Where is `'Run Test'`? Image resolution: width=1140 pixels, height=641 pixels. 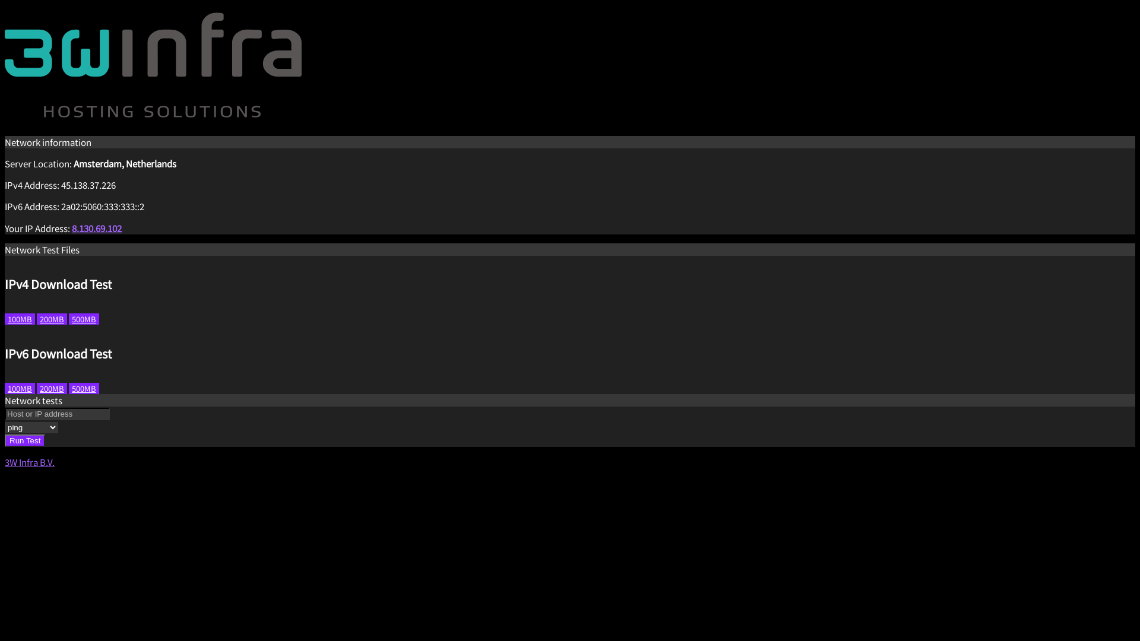 'Run Test' is located at coordinates (25, 440).